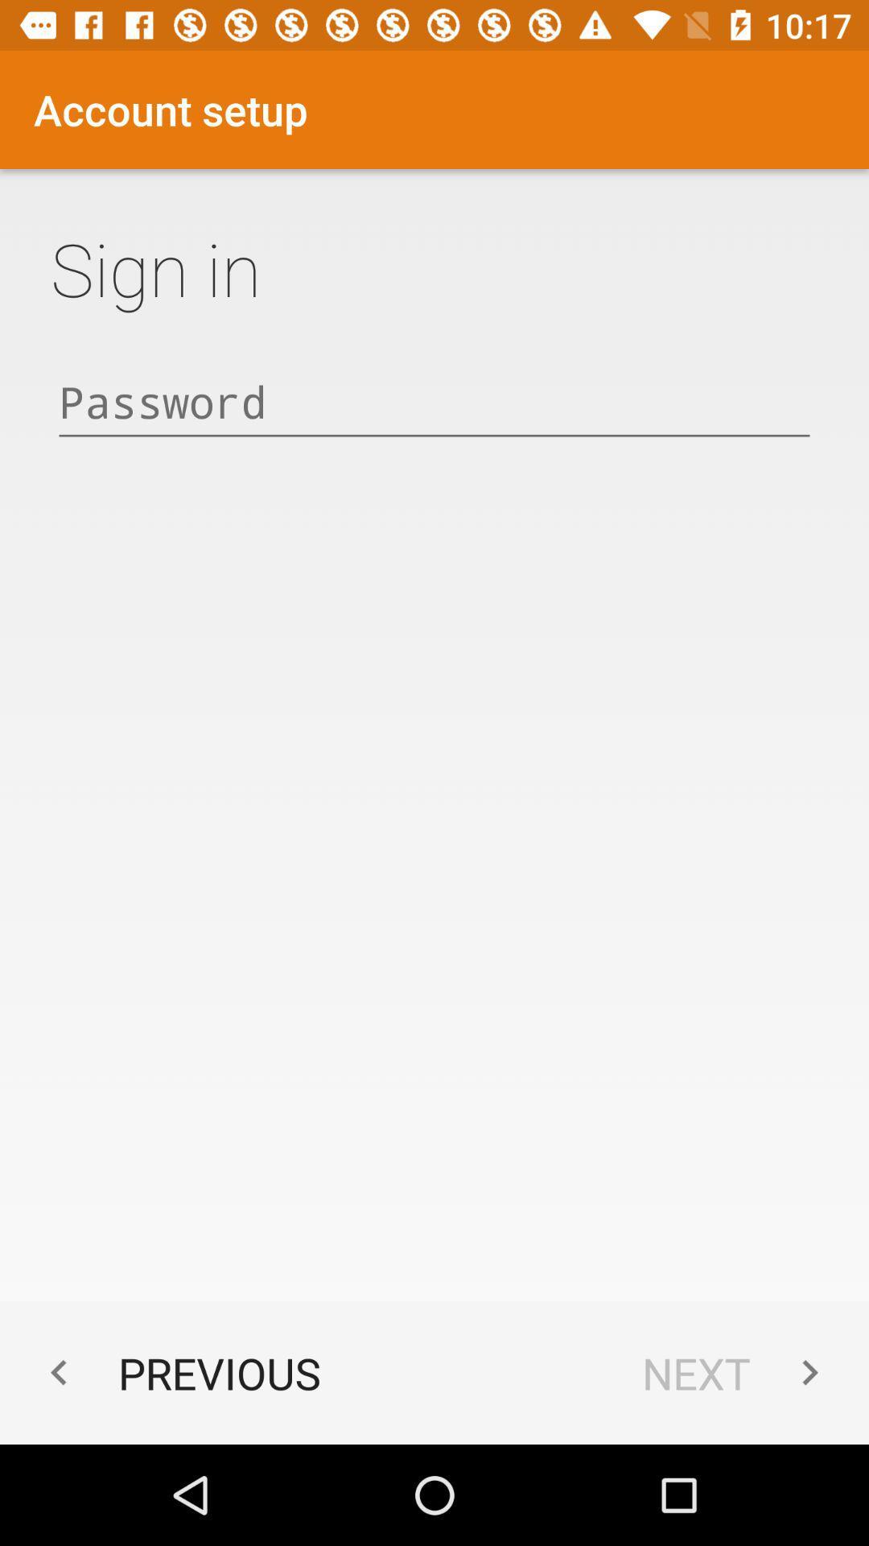  Describe the element at coordinates (177, 1372) in the screenshot. I see `the previous at the bottom left corner` at that location.